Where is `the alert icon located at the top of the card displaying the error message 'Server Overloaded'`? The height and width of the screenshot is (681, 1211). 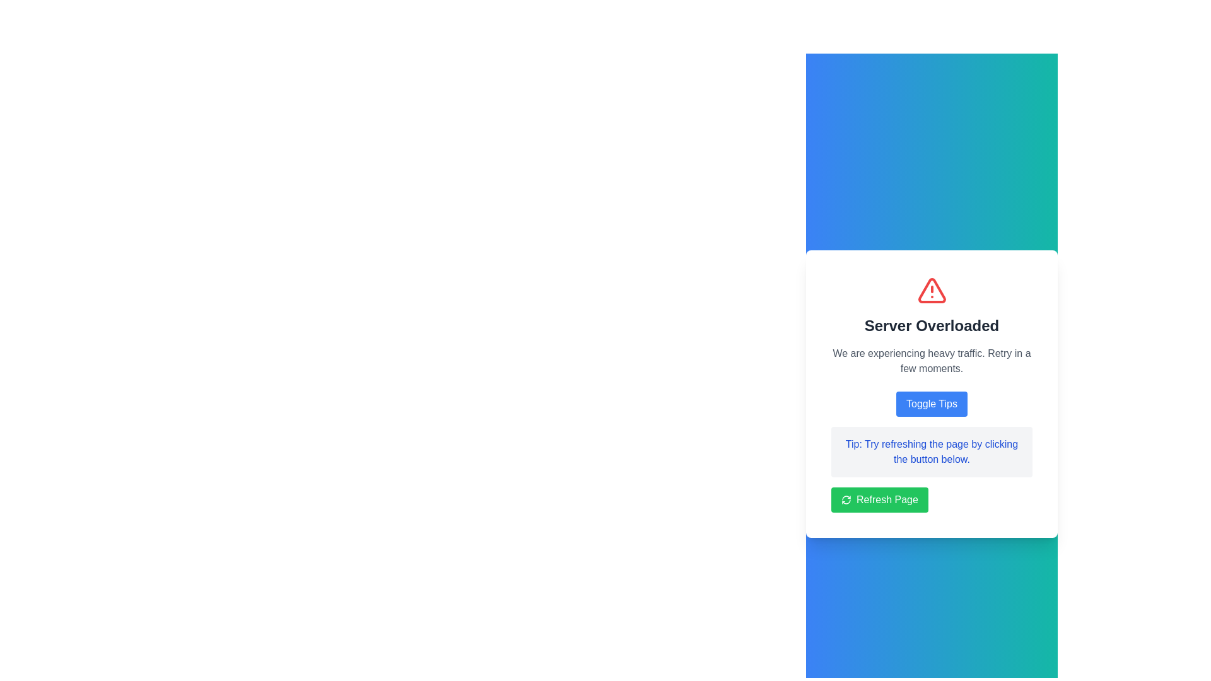 the alert icon located at the top of the card displaying the error message 'Server Overloaded' is located at coordinates (932, 291).